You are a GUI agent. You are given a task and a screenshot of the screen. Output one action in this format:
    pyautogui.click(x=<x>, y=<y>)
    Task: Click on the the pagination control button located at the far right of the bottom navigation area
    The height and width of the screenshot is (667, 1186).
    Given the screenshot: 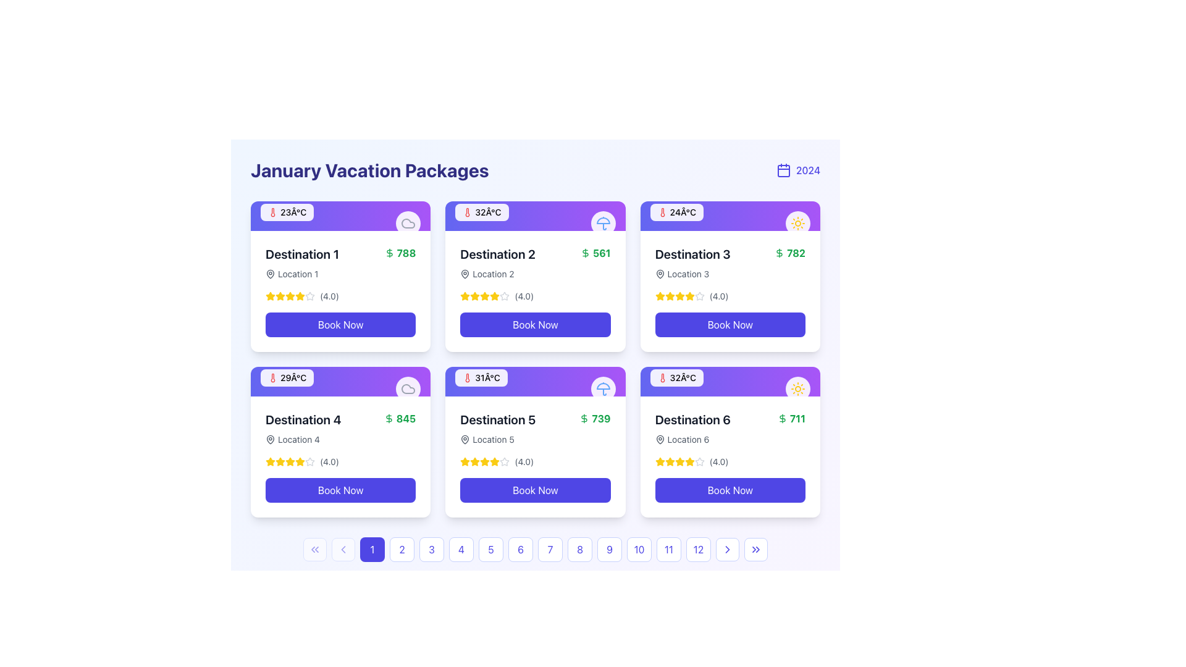 What is the action you would take?
    pyautogui.click(x=755, y=549)
    